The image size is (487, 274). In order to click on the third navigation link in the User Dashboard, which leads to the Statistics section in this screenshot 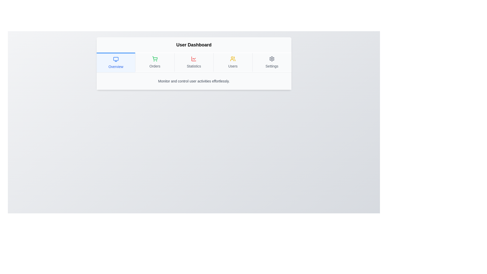, I will do `click(194, 63)`.